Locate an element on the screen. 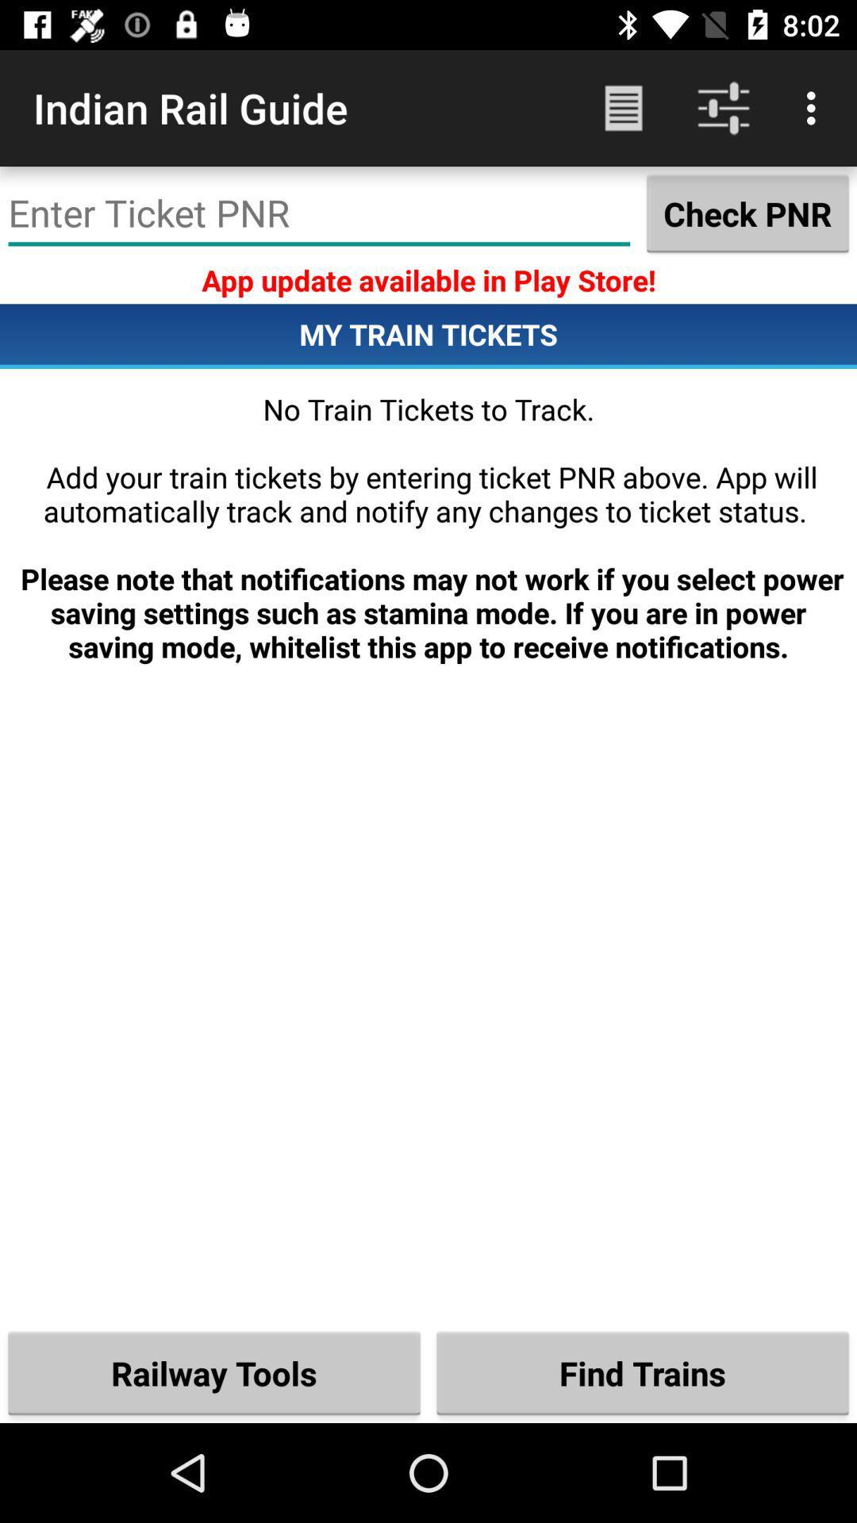 This screenshot has height=1523, width=857. item above the app update available item is located at coordinates (747, 213).